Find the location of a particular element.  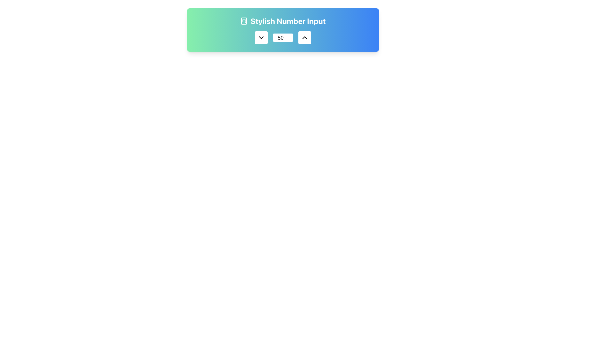

the increment control button located to the right of the numerical input box displaying the number 50 is located at coordinates (304, 38).